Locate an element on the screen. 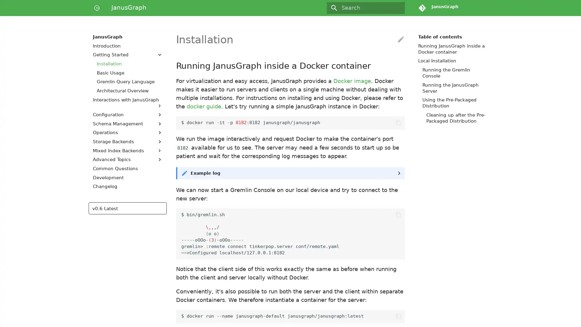 This screenshot has width=581, height=327. Copy to clipboard is located at coordinates (398, 316).